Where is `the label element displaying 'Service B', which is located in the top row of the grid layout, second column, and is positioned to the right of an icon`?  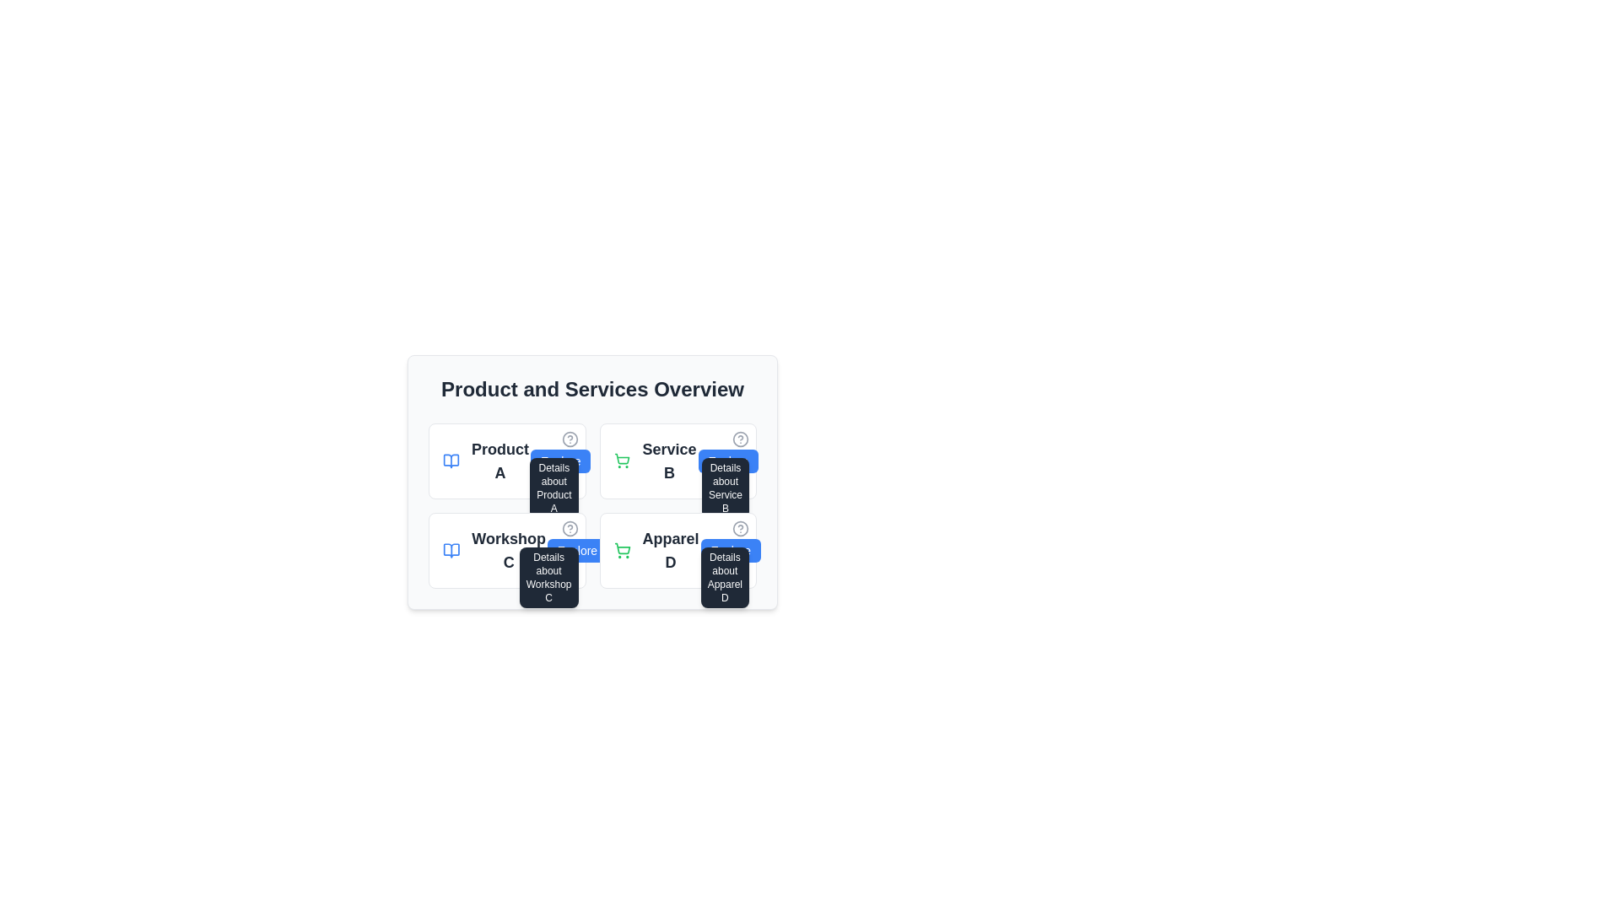
the label element displaying 'Service B', which is located in the top row of the grid layout, second column, and is positioned to the right of an icon is located at coordinates (668, 461).